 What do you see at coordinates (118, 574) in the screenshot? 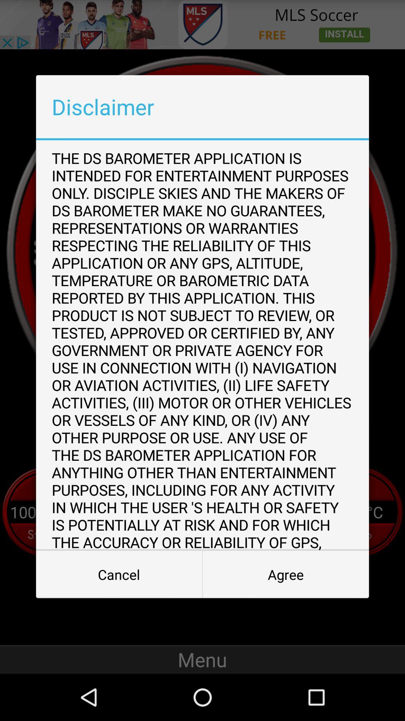
I see `cancel item` at bounding box center [118, 574].